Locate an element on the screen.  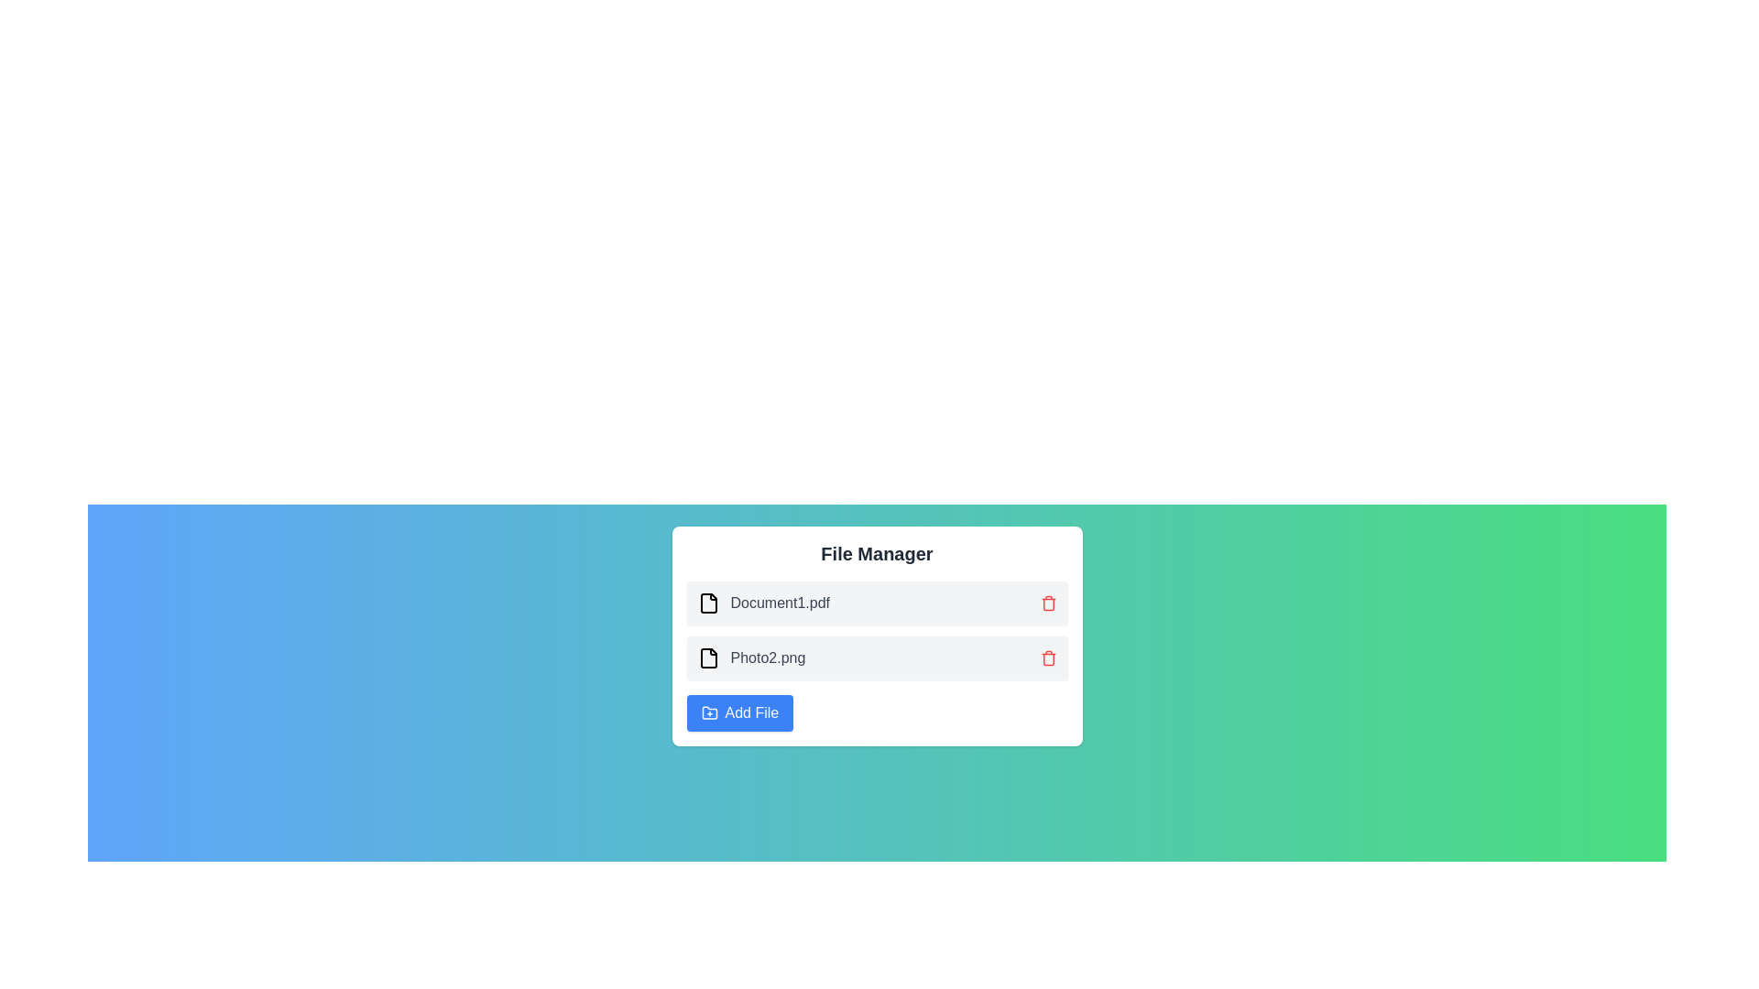
the Trash icon/button for the file 'Photo2.png' is located at coordinates (1048, 657).